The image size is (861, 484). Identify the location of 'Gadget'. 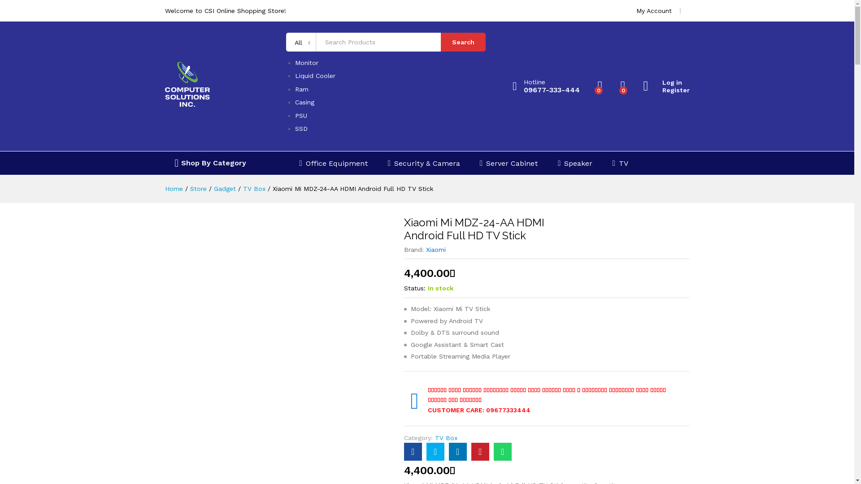
(224, 188).